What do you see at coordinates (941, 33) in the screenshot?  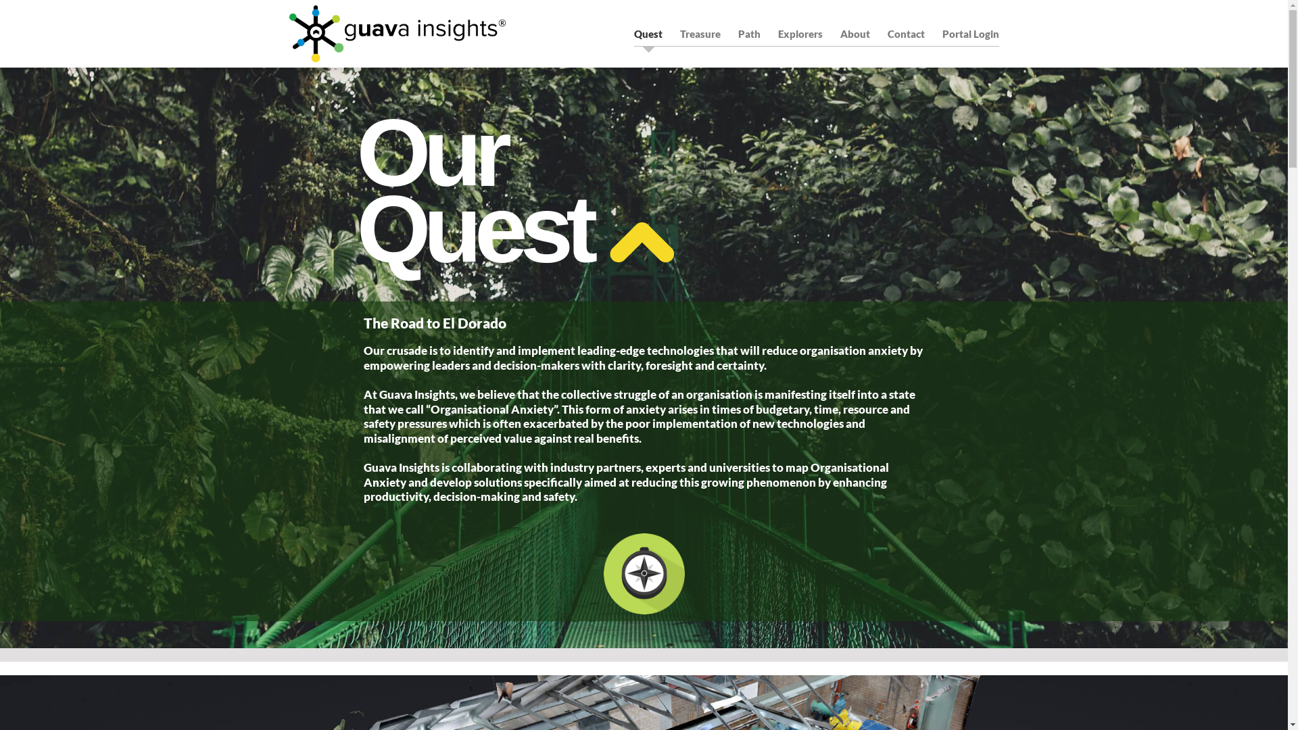 I see `'Portal Login'` at bounding box center [941, 33].